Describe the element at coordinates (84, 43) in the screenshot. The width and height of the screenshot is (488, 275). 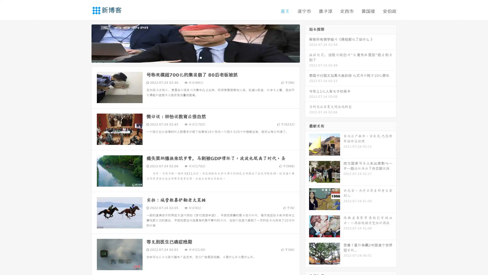
I see `Previous slide` at that location.